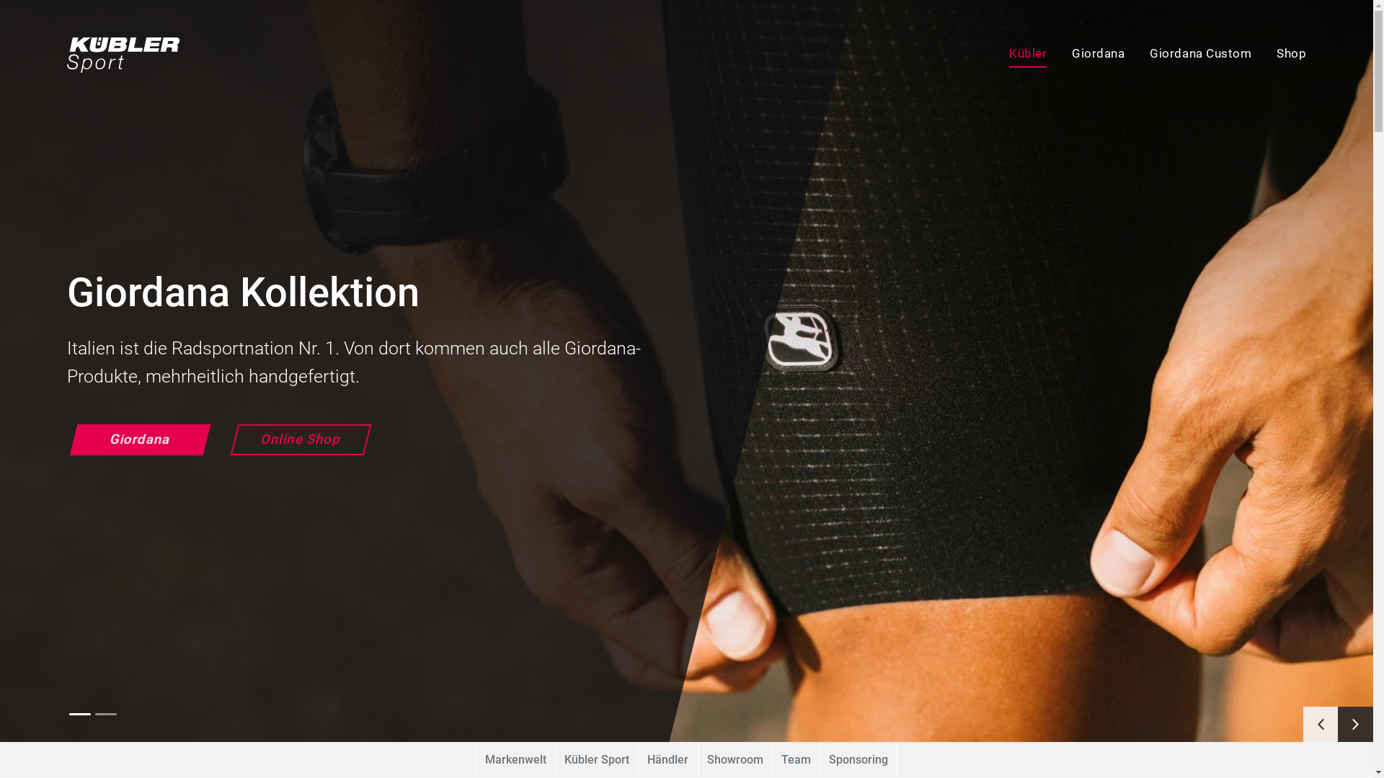  Describe the element at coordinates (1337, 724) in the screenshot. I see `'Next'` at that location.